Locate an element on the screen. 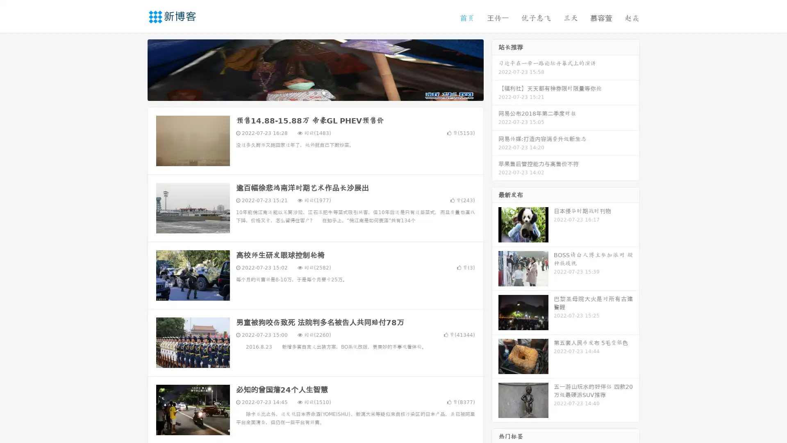 The image size is (787, 443). Previous slide is located at coordinates (135, 69).